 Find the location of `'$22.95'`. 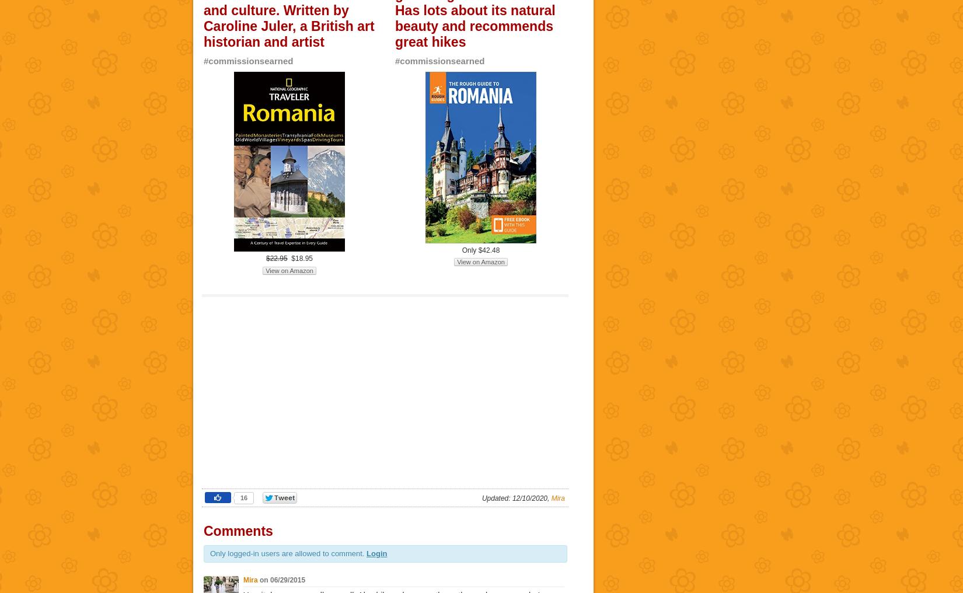

'$22.95' is located at coordinates (275, 257).